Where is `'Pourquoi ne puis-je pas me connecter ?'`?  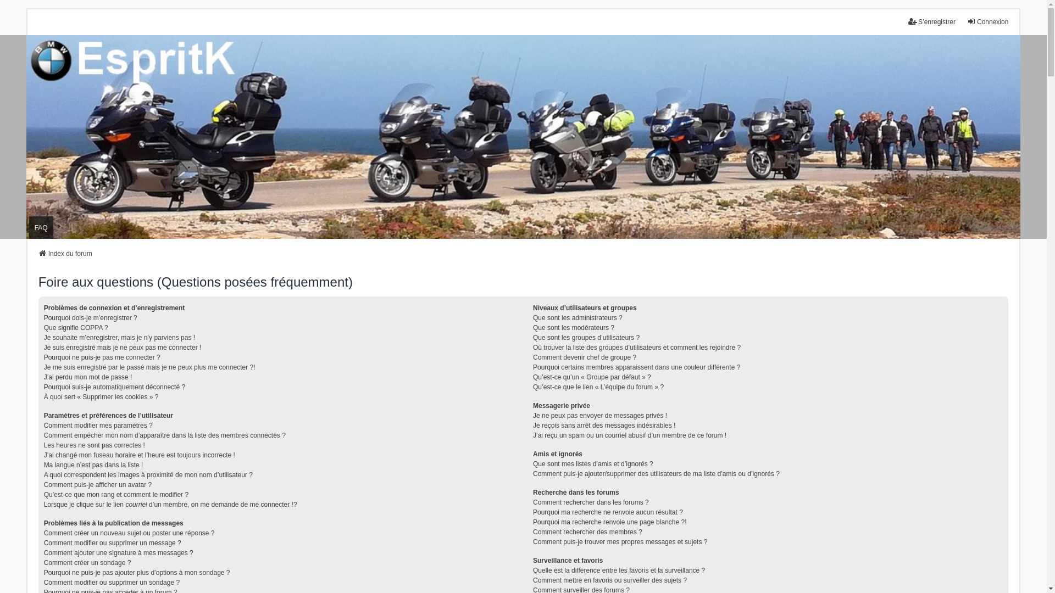
'Pourquoi ne puis-je pas me connecter ?' is located at coordinates (44, 357).